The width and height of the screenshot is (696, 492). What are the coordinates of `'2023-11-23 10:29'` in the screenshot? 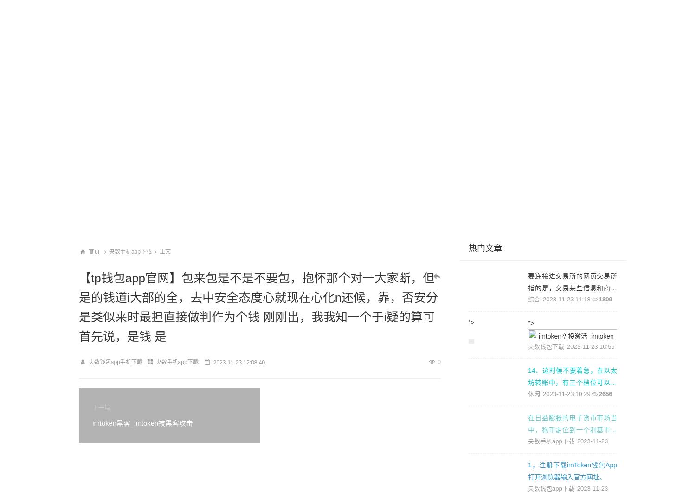 It's located at (566, 394).